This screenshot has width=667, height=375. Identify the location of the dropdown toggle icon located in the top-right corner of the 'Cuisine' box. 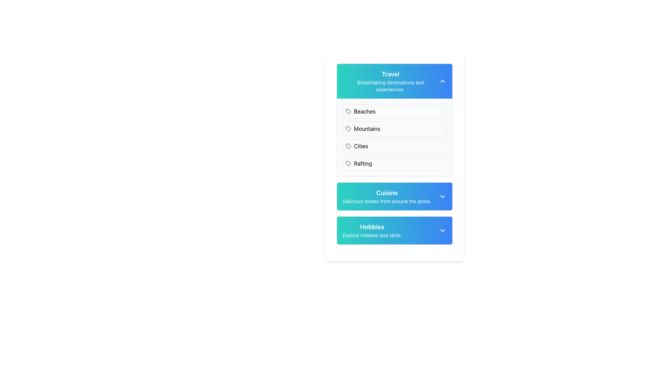
(442, 197).